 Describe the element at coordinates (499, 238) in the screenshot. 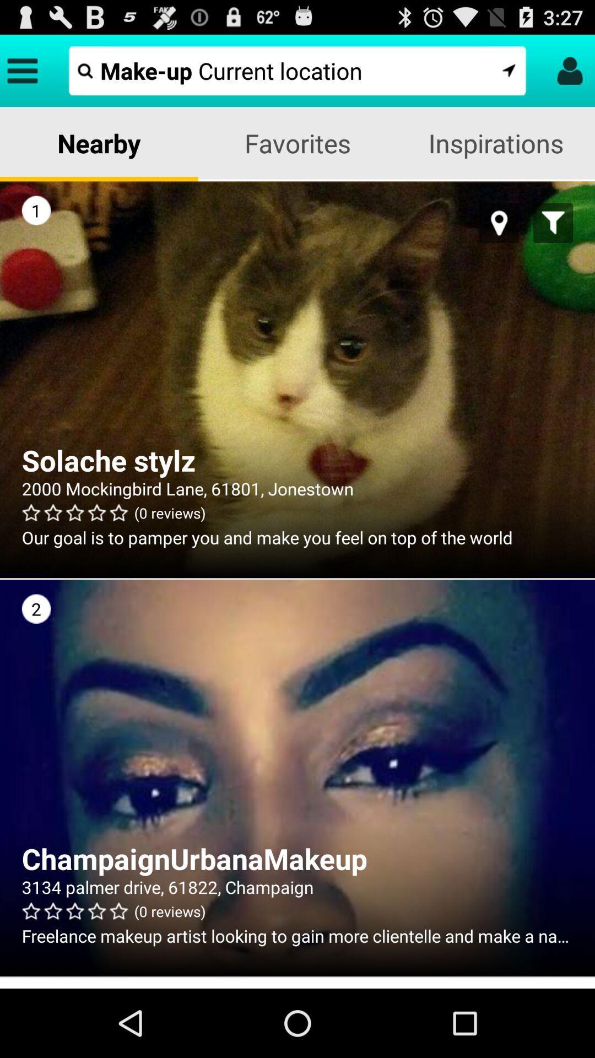

I see `the location icon` at that location.